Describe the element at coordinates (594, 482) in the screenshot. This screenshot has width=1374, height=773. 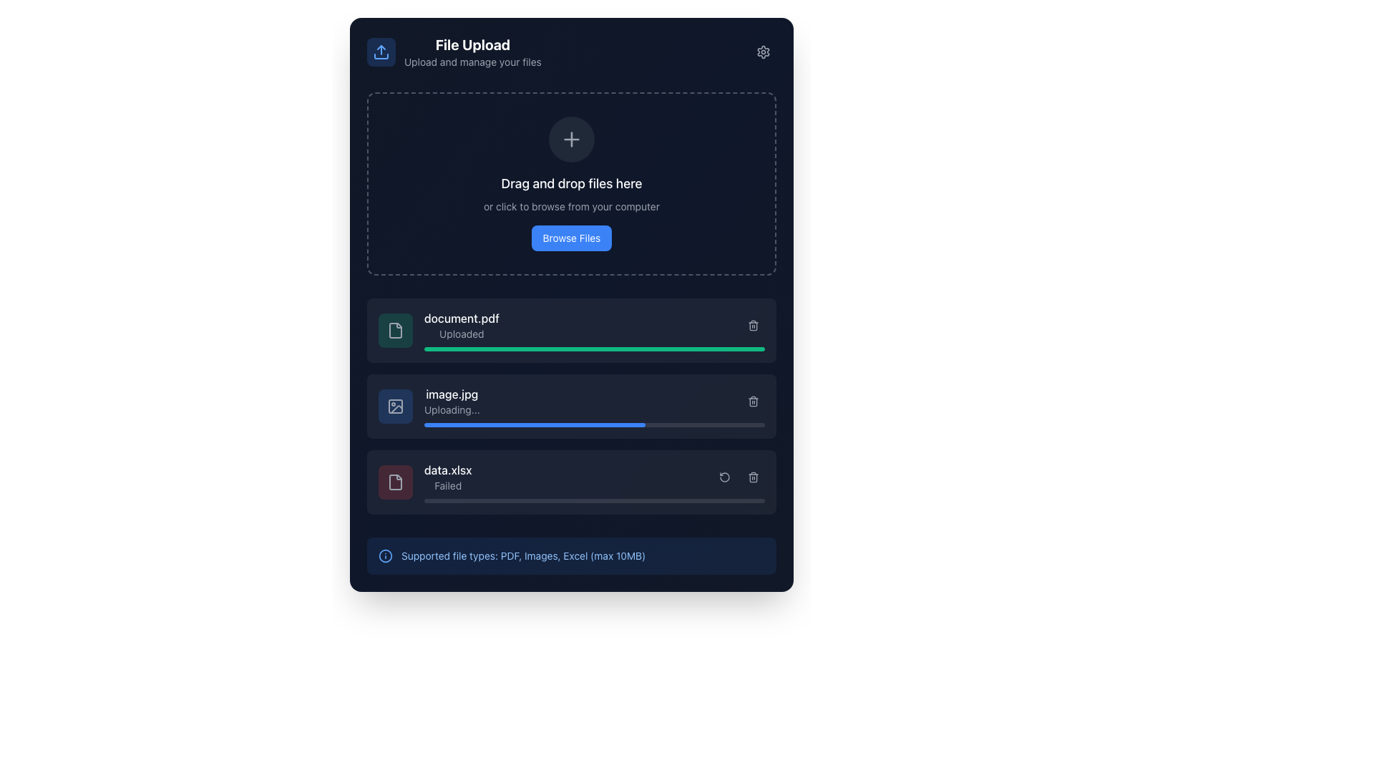
I see `the file upload status indicator for 'data.xlsx', which is the third item` at that location.